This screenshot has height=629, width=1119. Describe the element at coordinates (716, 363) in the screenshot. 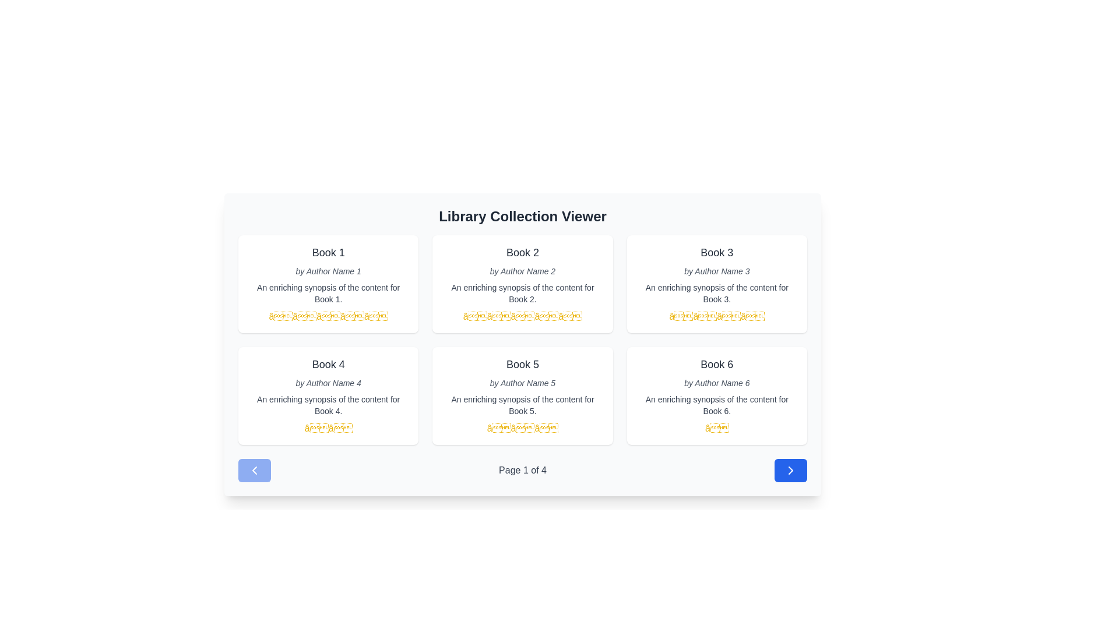

I see `the text label that serves as the primary title for 'Book 6', located in the bottom-right card of the library viewer interface` at that location.